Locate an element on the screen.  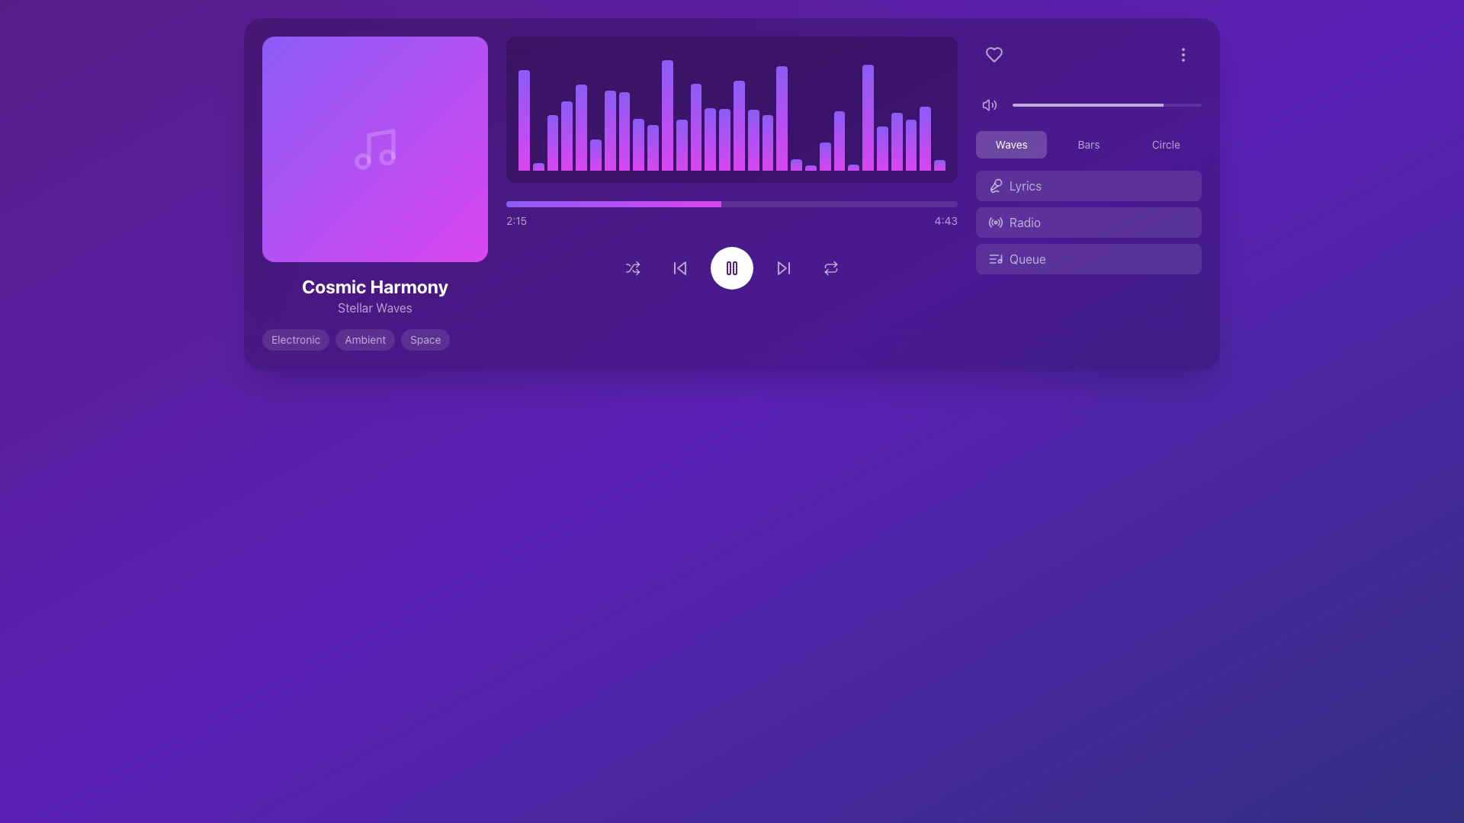
the pause icon button, which is styled with purple coloring and located at the center of the music control bar, to potentially display a tooltip is located at coordinates (732, 267).